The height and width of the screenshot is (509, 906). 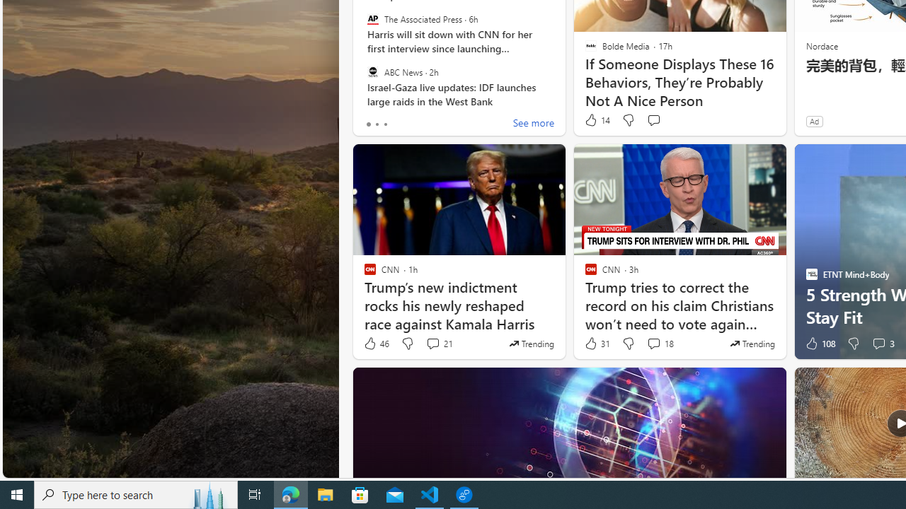 I want to click on '46 Like', so click(x=376, y=344).